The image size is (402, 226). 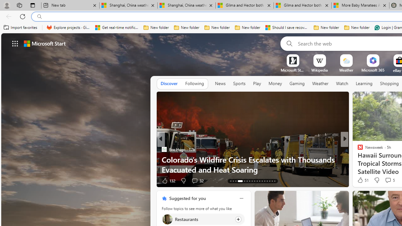 What do you see at coordinates (267, 181) in the screenshot?
I see `'AutomationID: tab-30'` at bounding box center [267, 181].